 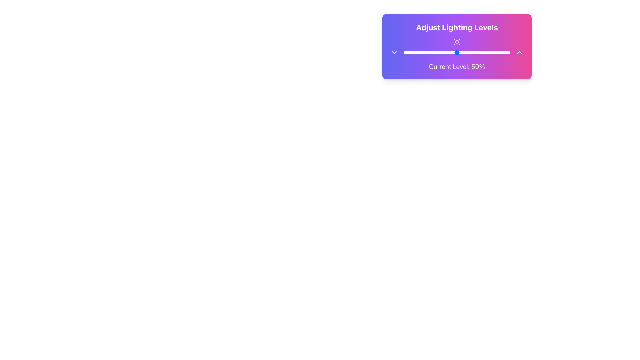 What do you see at coordinates (493, 52) in the screenshot?
I see `the lighting level` at bounding box center [493, 52].